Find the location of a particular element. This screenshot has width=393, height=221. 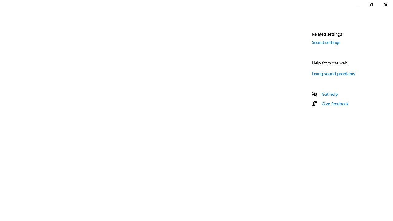

'Sound settings' is located at coordinates (326, 42).